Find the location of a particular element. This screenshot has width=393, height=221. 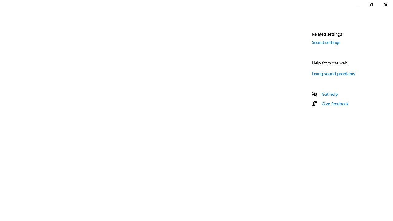

'Sound settings' is located at coordinates (326, 42).